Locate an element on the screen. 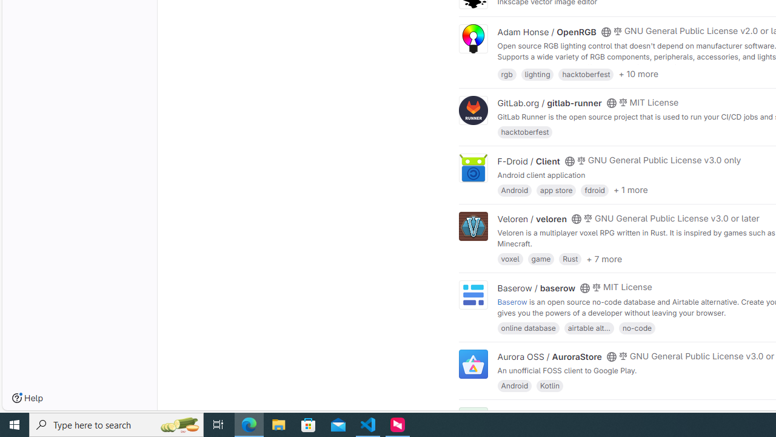 Image resolution: width=776 pixels, height=437 pixels. 'airtable alt...' is located at coordinates (589, 327).